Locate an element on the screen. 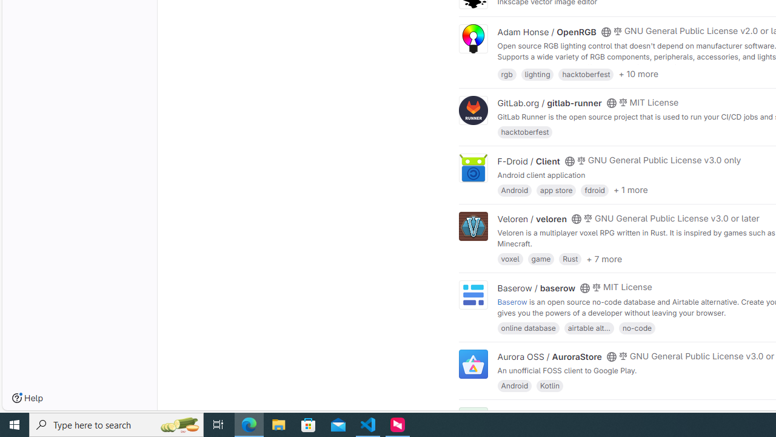 Image resolution: width=776 pixels, height=437 pixels. 'airtable alt...' is located at coordinates (589, 327).